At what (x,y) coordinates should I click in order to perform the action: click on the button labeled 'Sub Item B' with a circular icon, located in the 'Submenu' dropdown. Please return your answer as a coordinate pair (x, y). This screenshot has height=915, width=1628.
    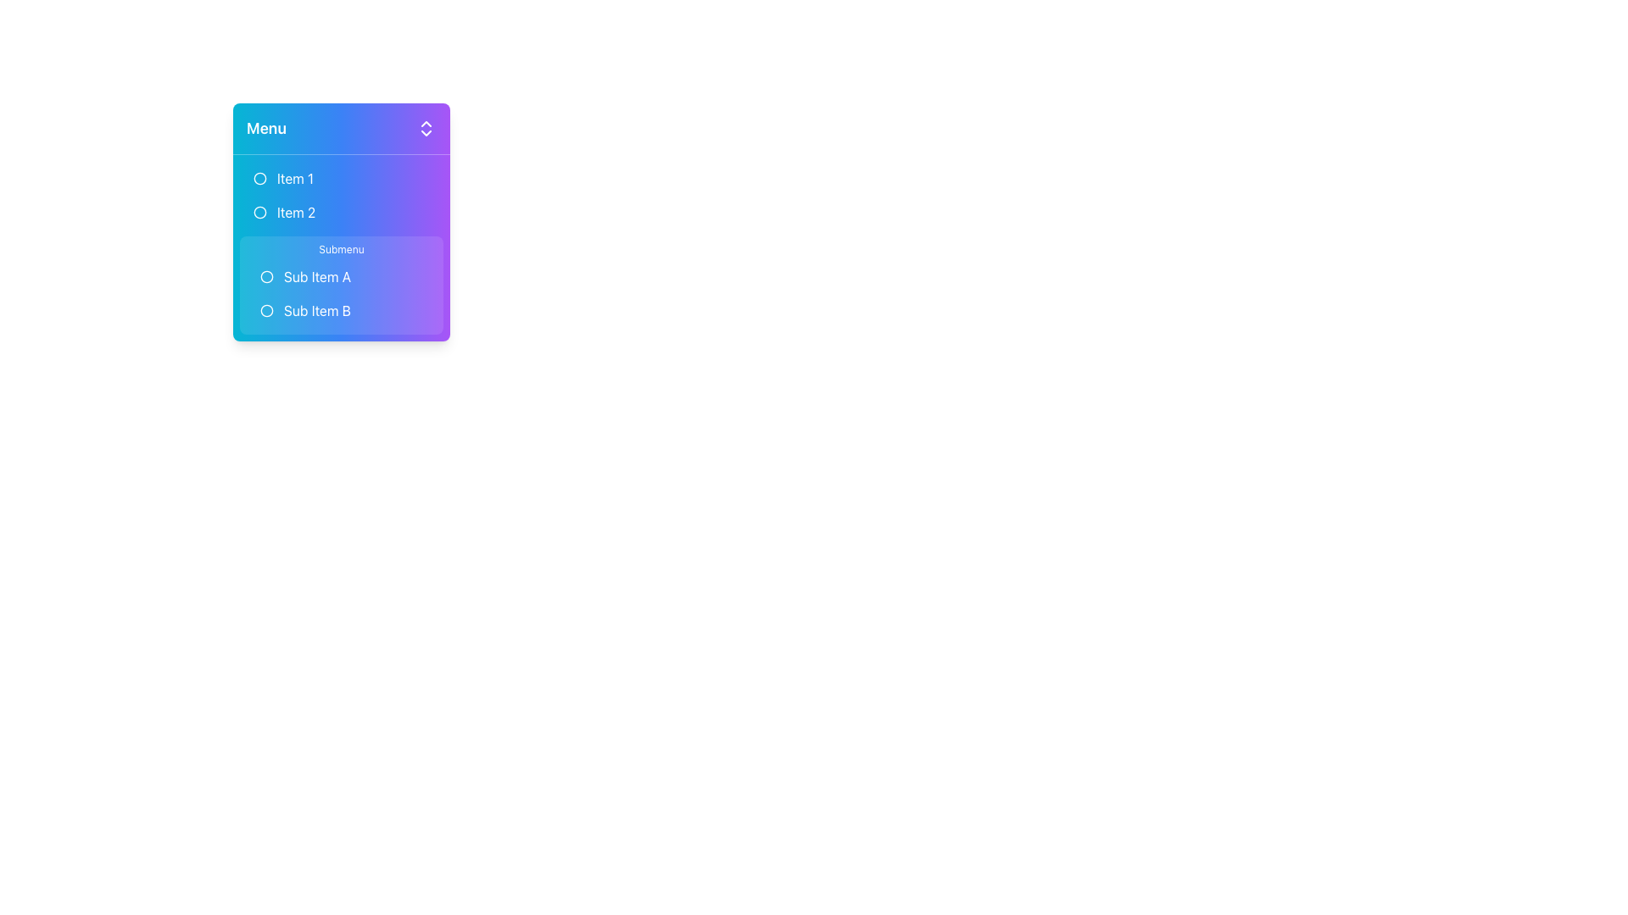
    Looking at the image, I should click on (305, 310).